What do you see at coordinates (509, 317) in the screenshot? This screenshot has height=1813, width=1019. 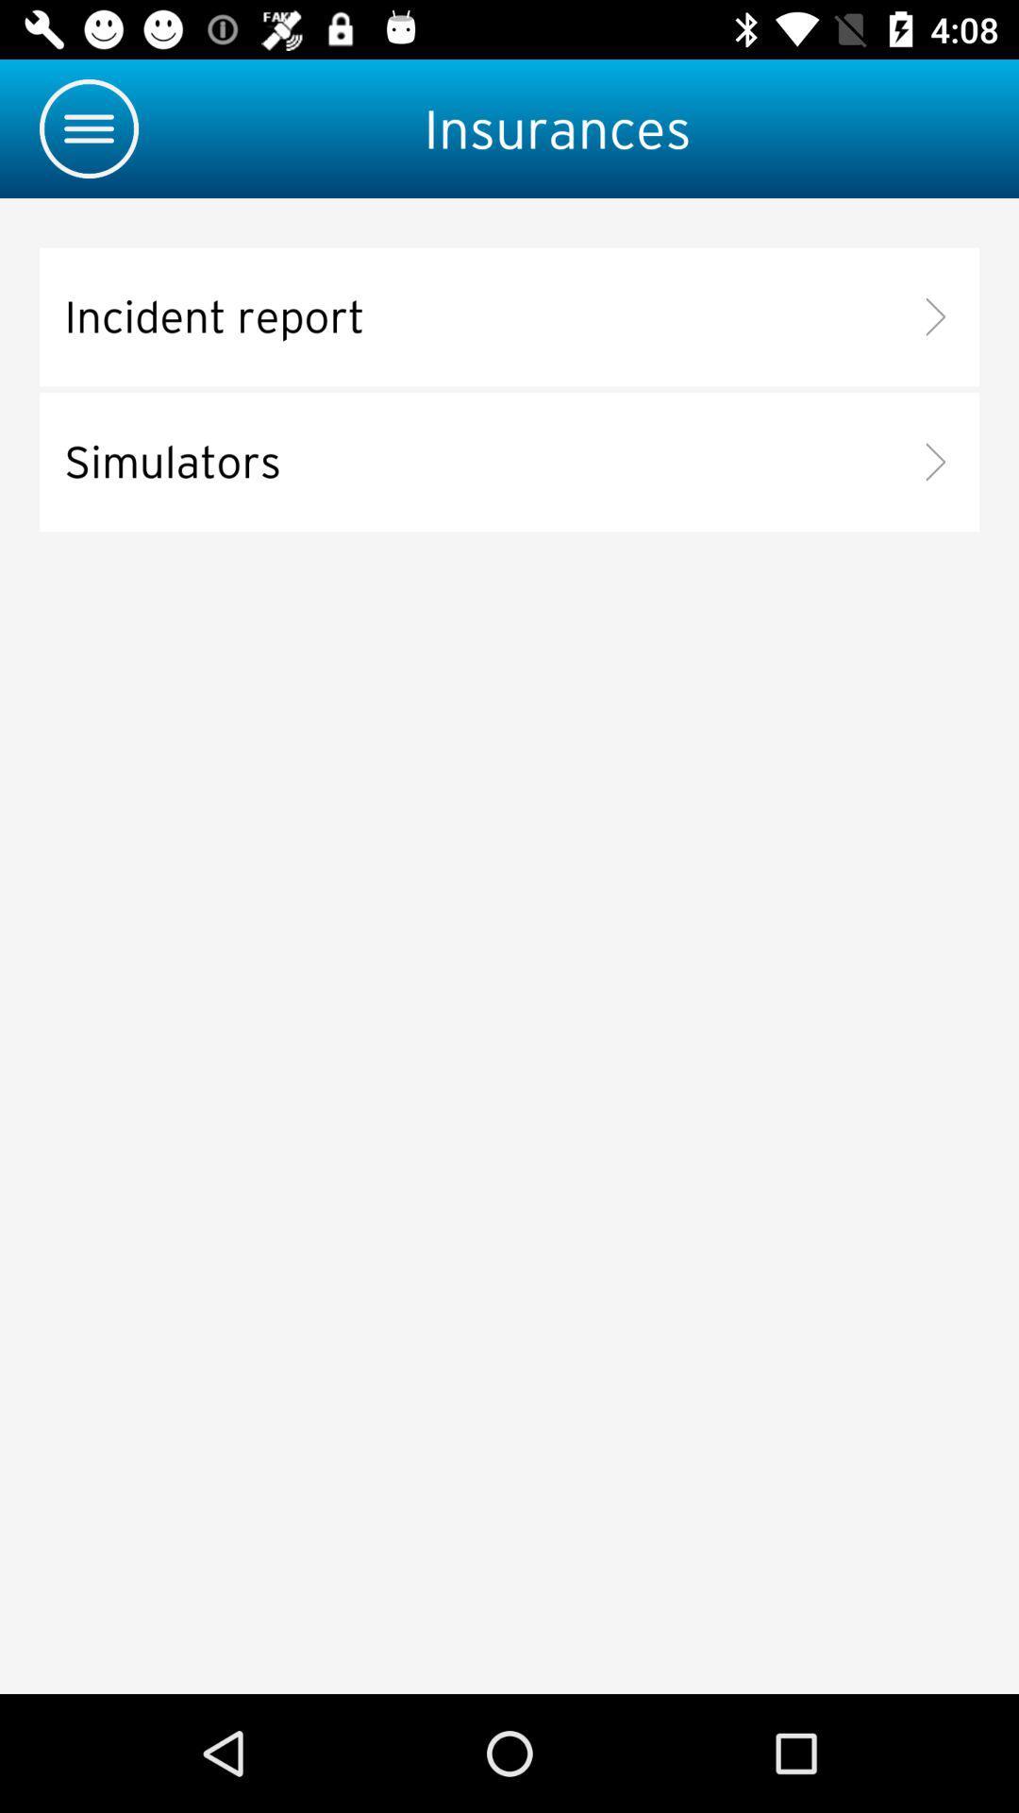 I see `to file a report` at bounding box center [509, 317].